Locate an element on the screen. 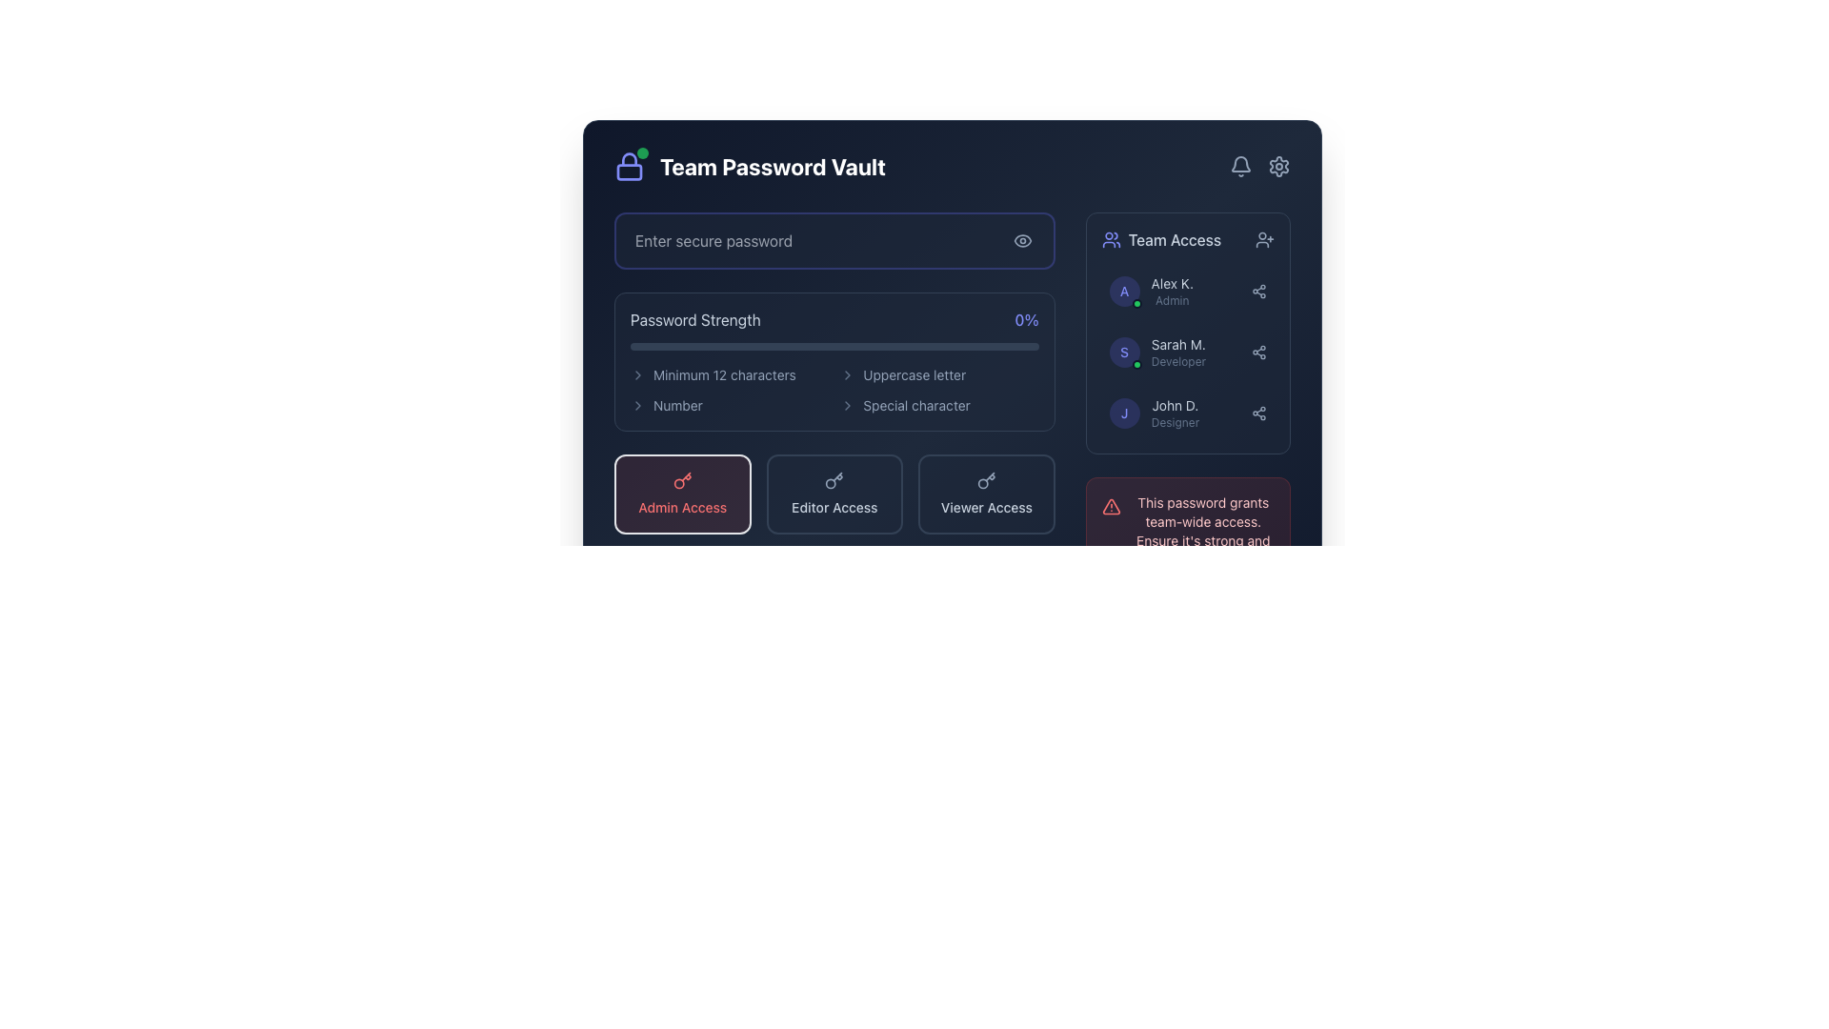 This screenshot has height=1029, width=1829. the top component of the eye-shaped SVG icon that indicates a visibility toggle feature for password entry is located at coordinates (1021, 240).